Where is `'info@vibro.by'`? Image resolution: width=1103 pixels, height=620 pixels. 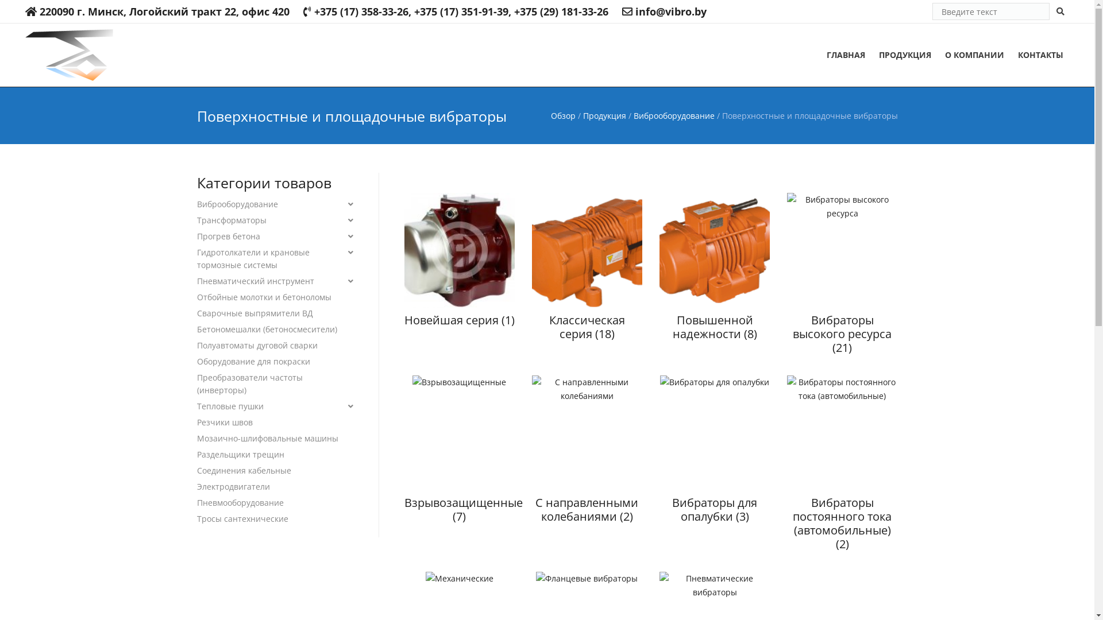 'info@vibro.by' is located at coordinates (670, 11).